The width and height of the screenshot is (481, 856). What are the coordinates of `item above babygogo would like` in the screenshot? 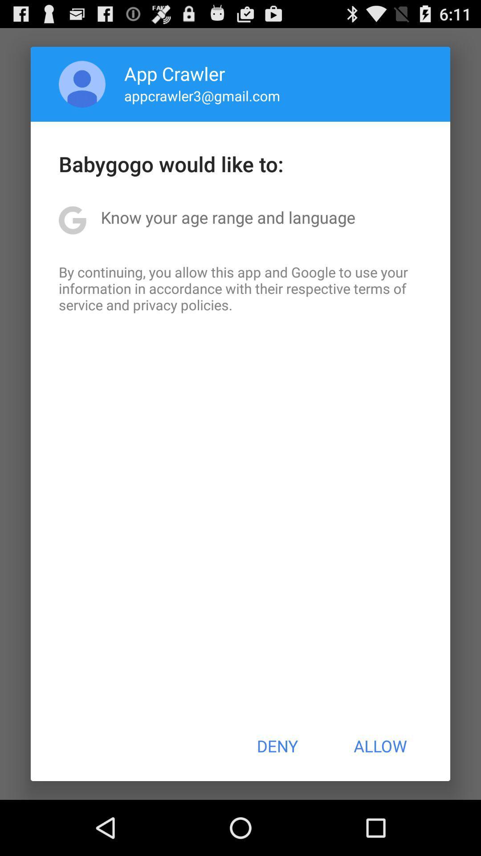 It's located at (82, 84).